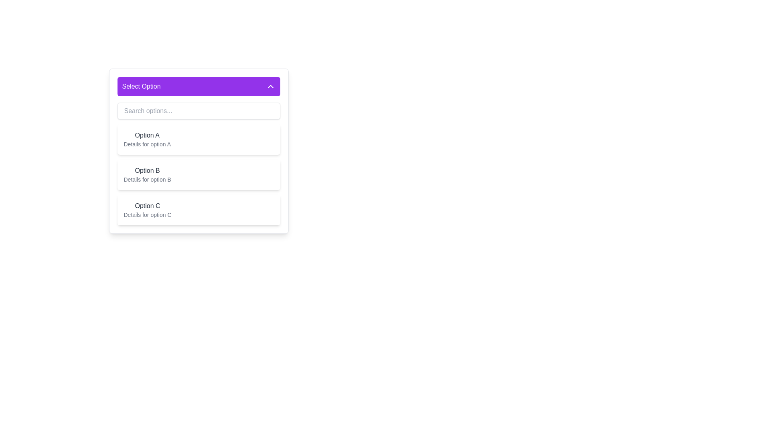 This screenshot has height=433, width=770. What do you see at coordinates (147, 170) in the screenshot?
I see `text content of the label for 'Option B' located within the dropdown menu titled 'Select Option'` at bounding box center [147, 170].